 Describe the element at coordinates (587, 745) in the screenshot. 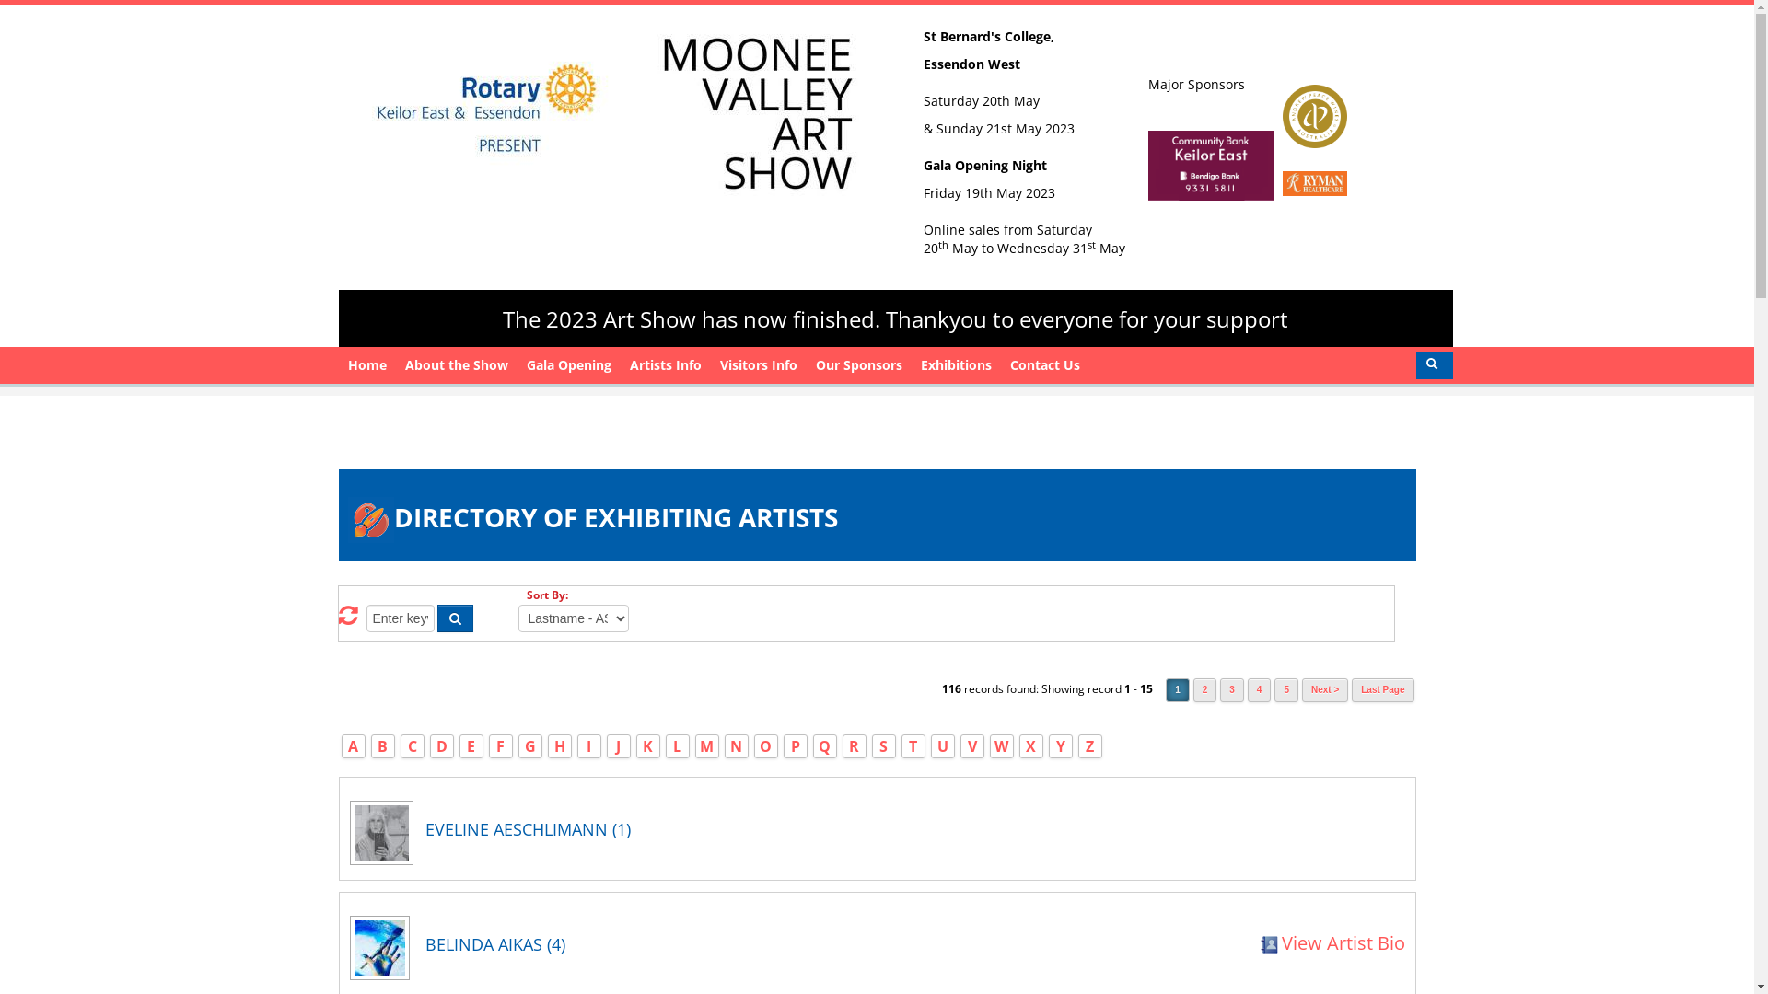

I see `'I'` at that location.